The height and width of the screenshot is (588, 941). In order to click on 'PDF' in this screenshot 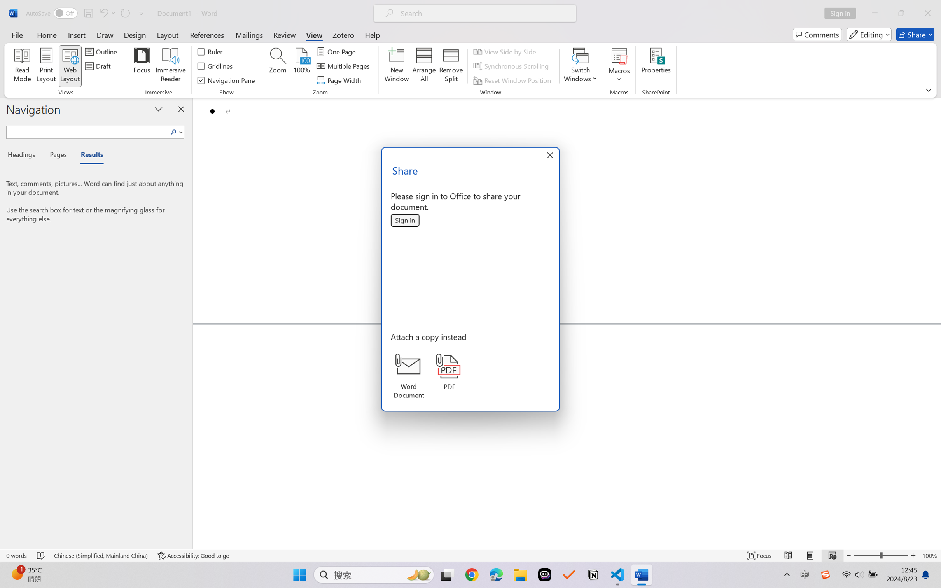, I will do `click(449, 372)`.